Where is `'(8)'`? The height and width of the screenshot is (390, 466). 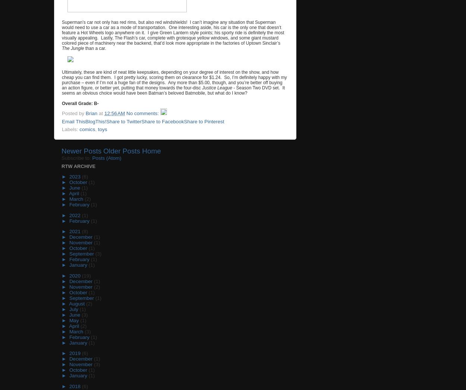
'(8)' is located at coordinates (81, 231).